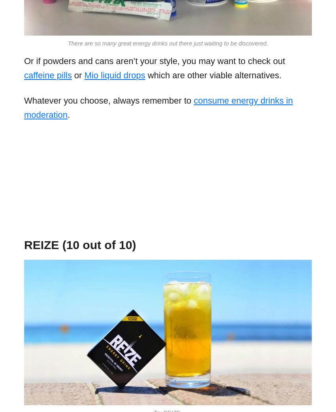 The height and width of the screenshot is (412, 336). I want to click on 'which are other viable alternatives.', so click(145, 75).